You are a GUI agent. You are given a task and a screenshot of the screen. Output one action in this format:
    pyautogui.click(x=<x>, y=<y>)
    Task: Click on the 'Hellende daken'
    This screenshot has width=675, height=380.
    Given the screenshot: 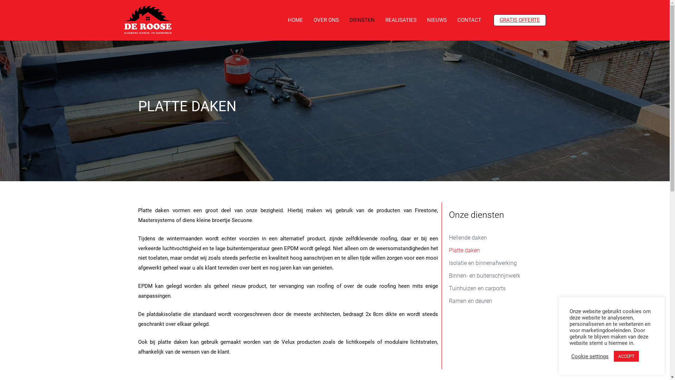 What is the action you would take?
    pyautogui.click(x=487, y=237)
    